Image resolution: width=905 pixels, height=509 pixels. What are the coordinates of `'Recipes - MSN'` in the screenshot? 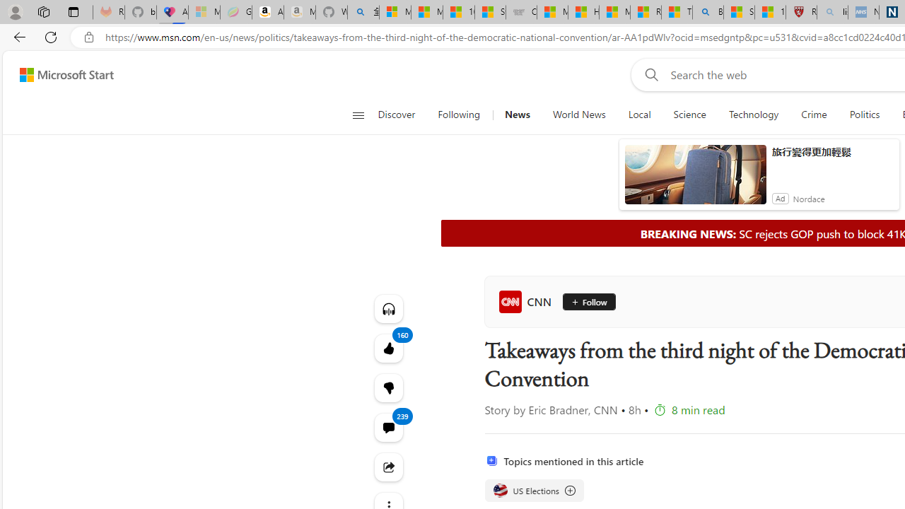 It's located at (645, 12).